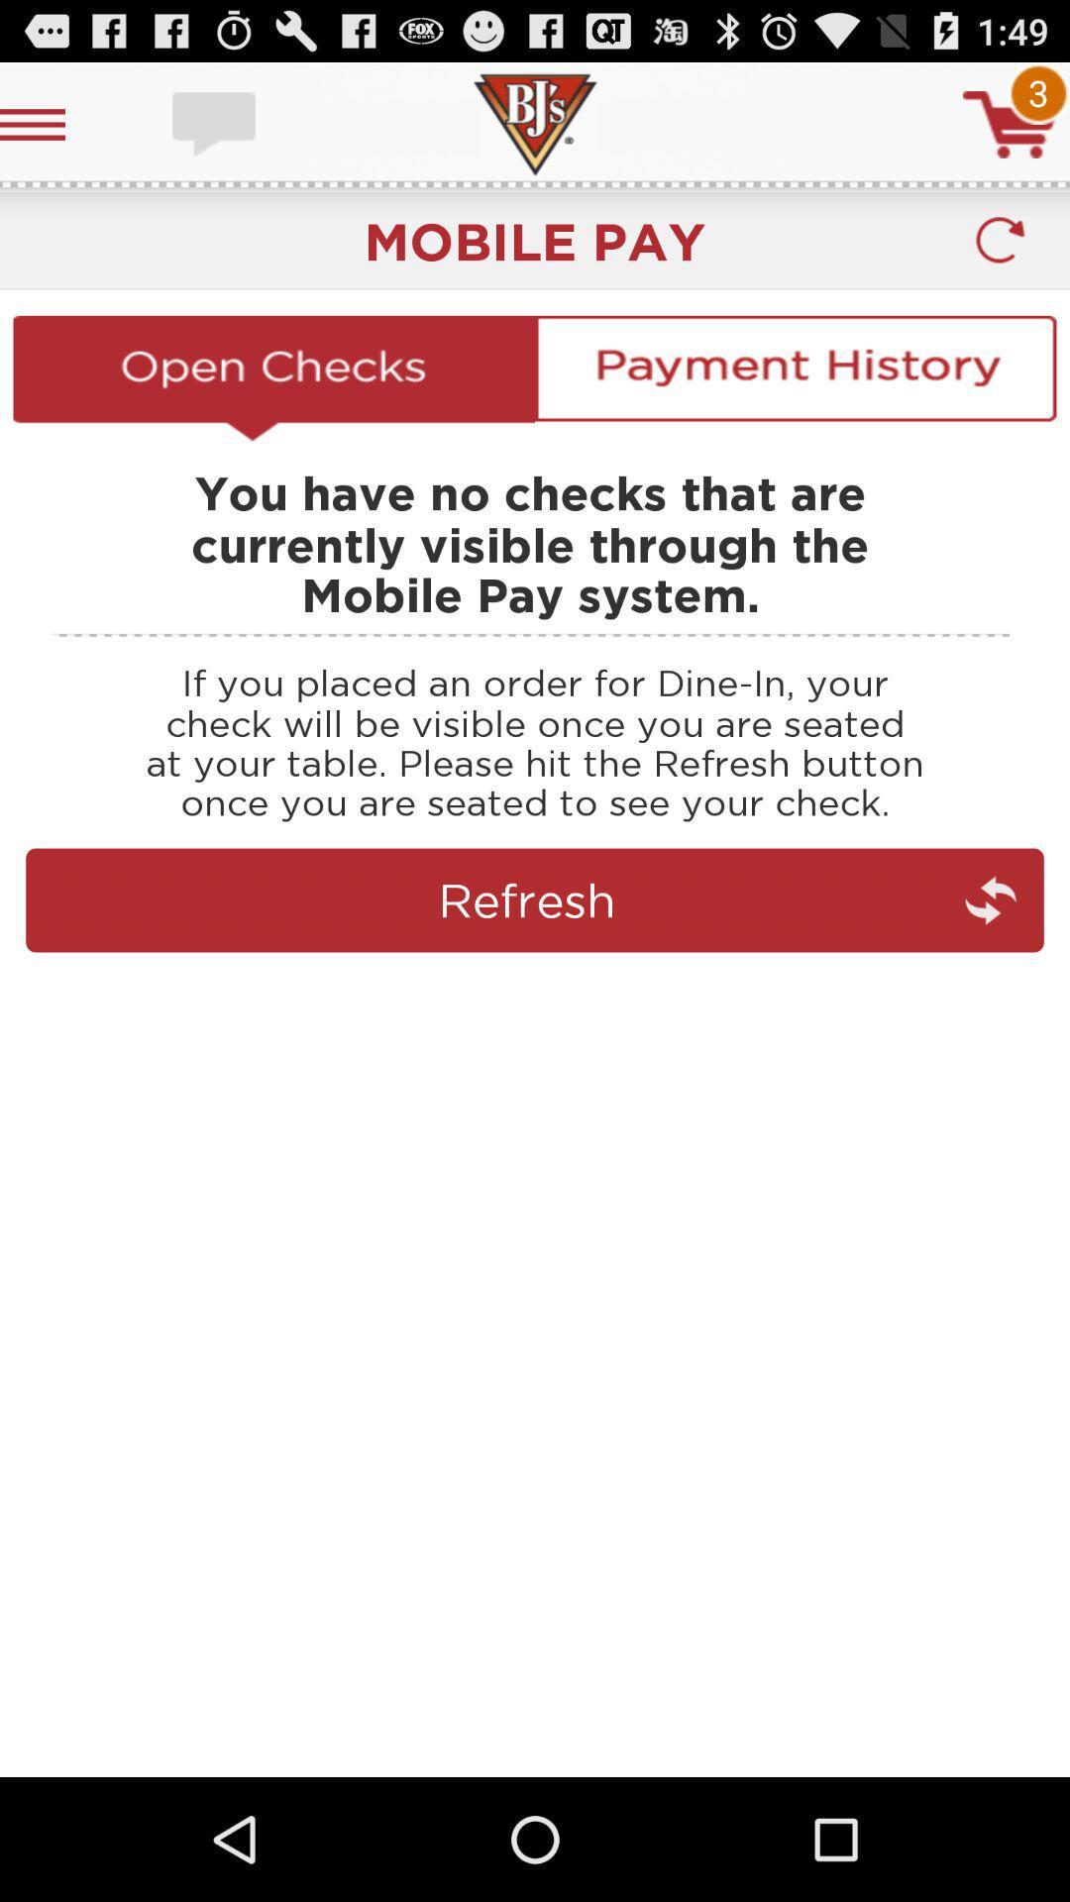 The width and height of the screenshot is (1070, 1902). Describe the element at coordinates (273, 377) in the screenshot. I see `open checks` at that location.